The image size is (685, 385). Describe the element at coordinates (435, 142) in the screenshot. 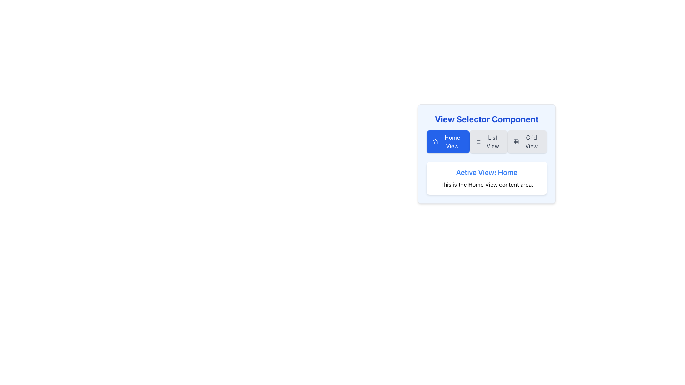

I see `the 'Home View' icon in the 'View Selector Component', which is the leftmost item in the button labeled 'Home View'` at that location.